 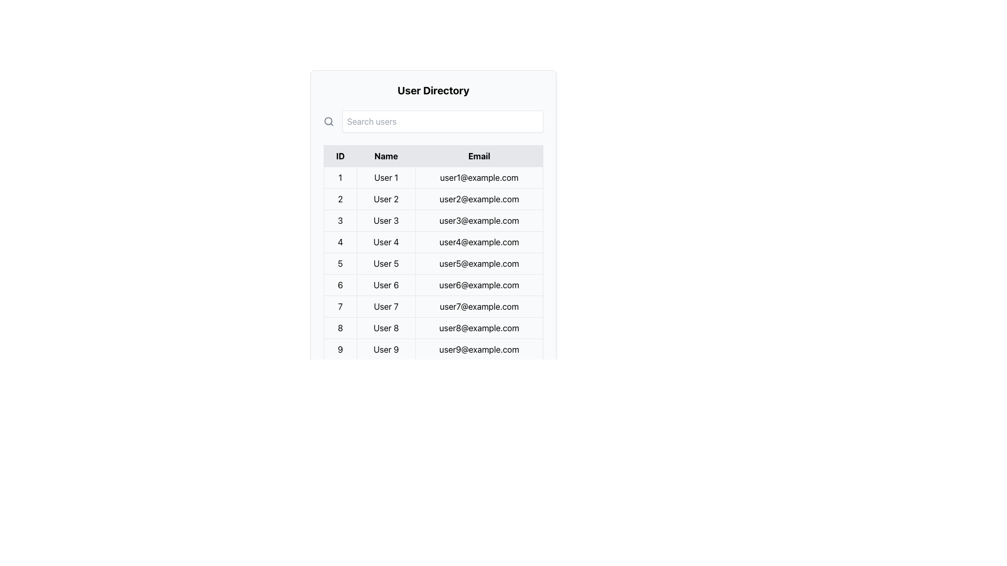 What do you see at coordinates (478, 242) in the screenshot?
I see `the text label displaying the email address 'user4@example.com', which is part of the 'Email' column in the fourth row of the table` at bounding box center [478, 242].